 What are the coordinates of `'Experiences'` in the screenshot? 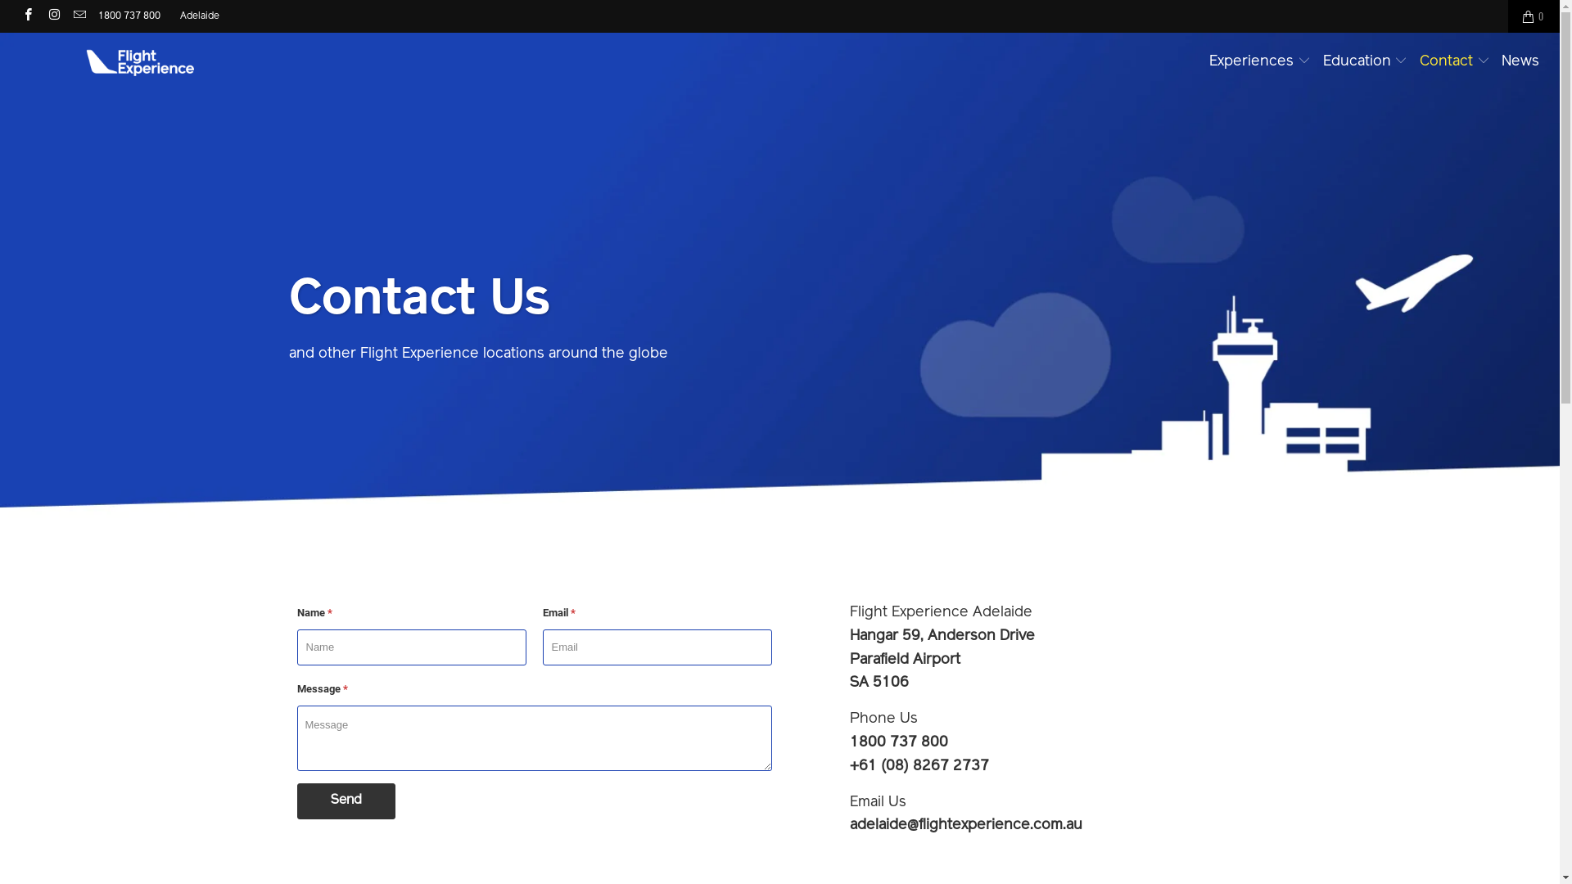 It's located at (1259, 61).